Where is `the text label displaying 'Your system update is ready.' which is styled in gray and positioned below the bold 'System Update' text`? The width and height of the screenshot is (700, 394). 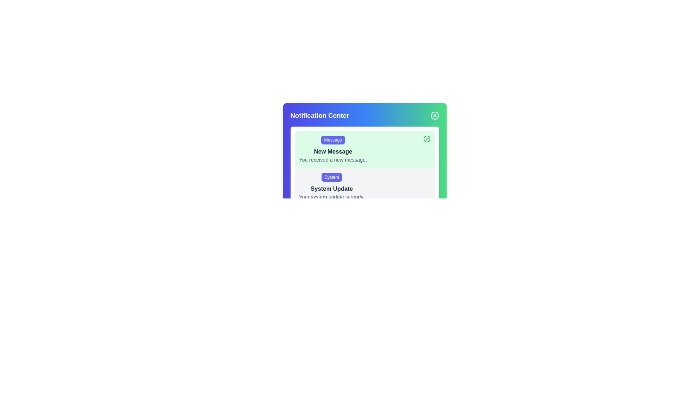
the text label displaying 'Your system update is ready.' which is styled in gray and positioned below the bold 'System Update' text is located at coordinates (331, 197).